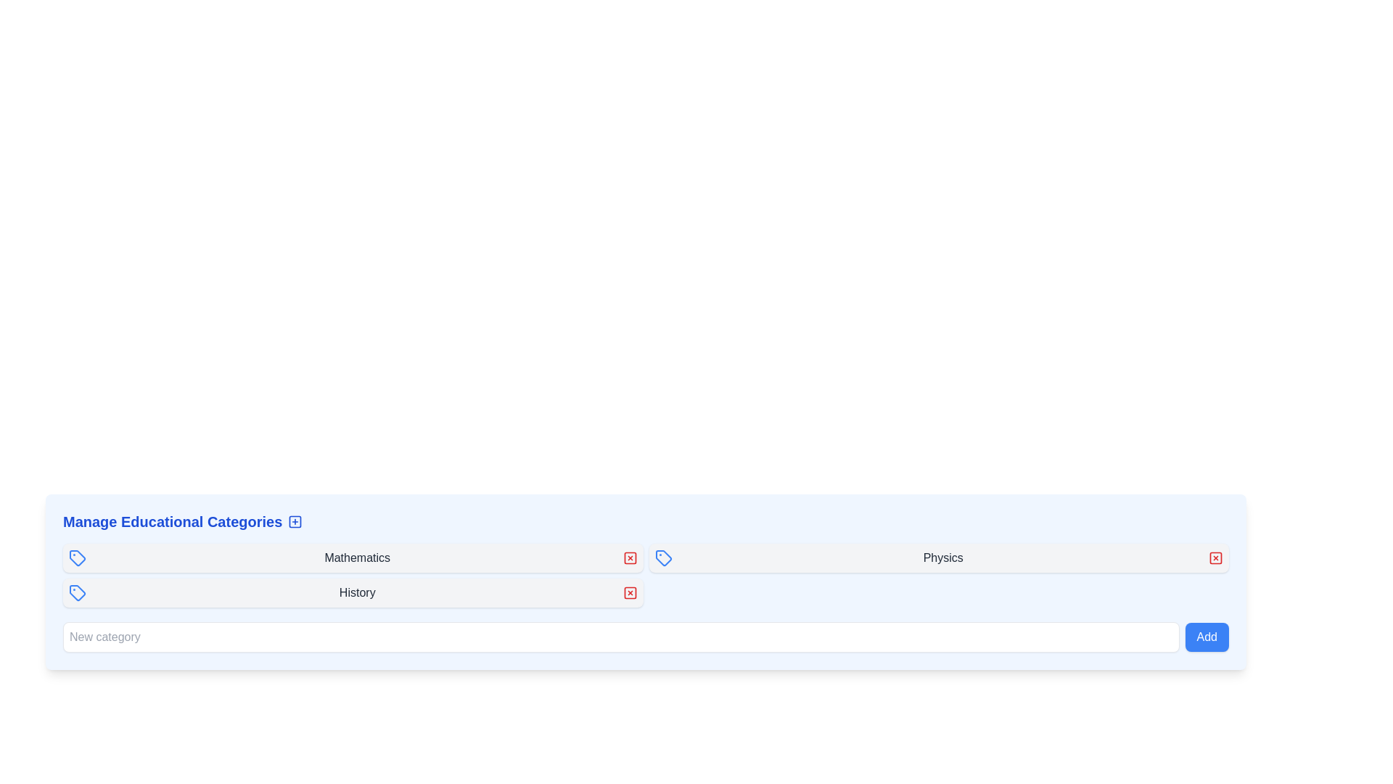  I want to click on label 'History' from the third entry row in the 'Manage Educational Categories' grid, which contains a labeled category entry with an icon and a delete button, so click(353, 593).